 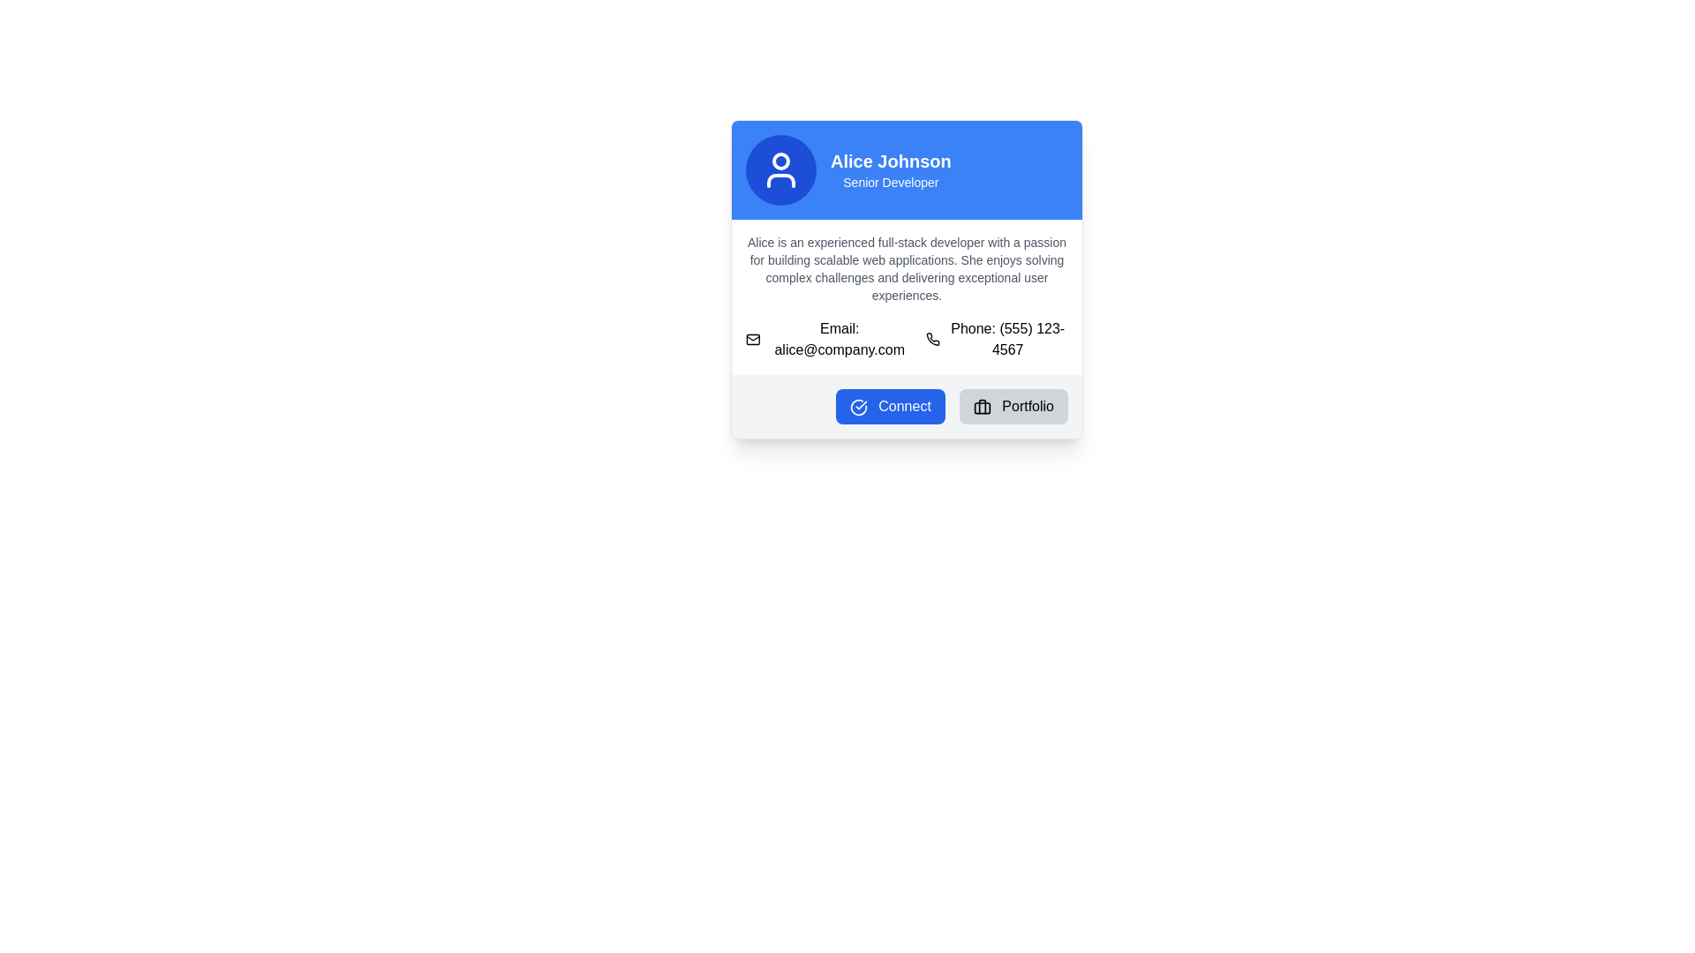 What do you see at coordinates (753, 340) in the screenshot?
I see `the email icon represented by an SVG image located to the left of the text 'Email: alice@company.com'` at bounding box center [753, 340].